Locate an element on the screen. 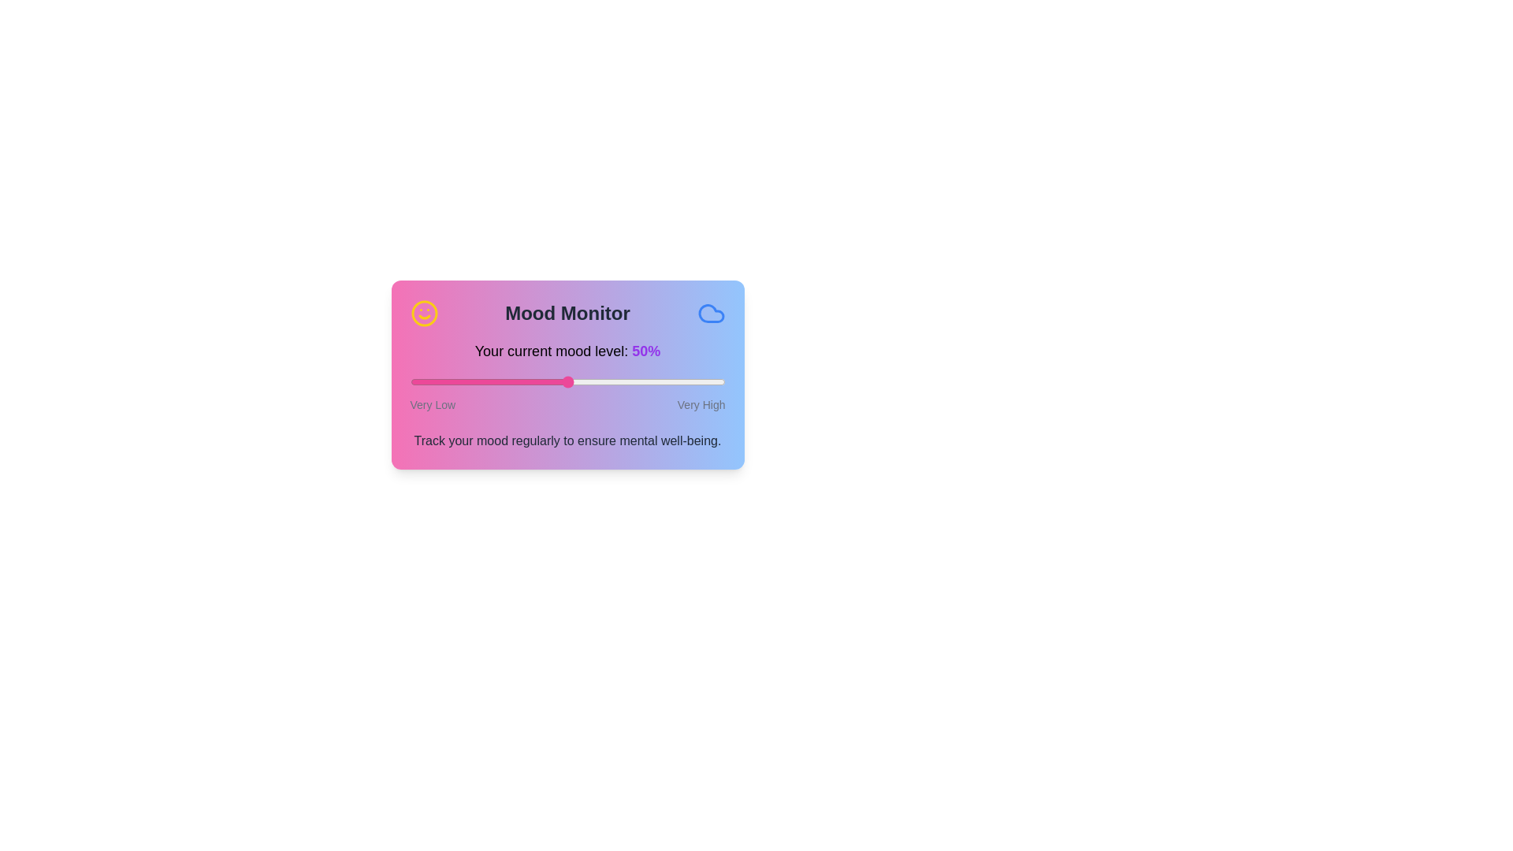 This screenshot has width=1513, height=851. the mood slider to set the mood level to 16% is located at coordinates (459, 382).